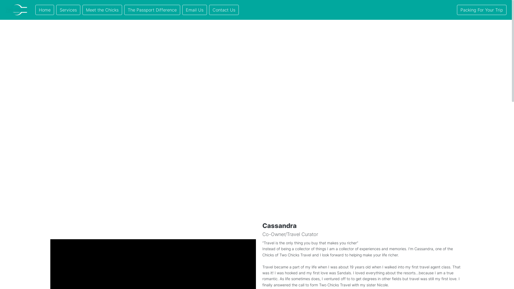  Describe the element at coordinates (182, 10) in the screenshot. I see `'Email Us'` at that location.